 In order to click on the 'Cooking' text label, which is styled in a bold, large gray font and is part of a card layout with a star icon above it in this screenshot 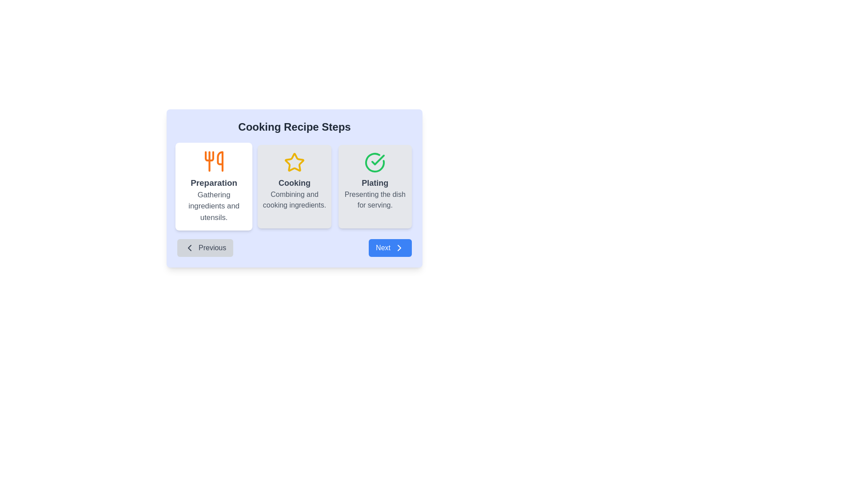, I will do `click(294, 183)`.